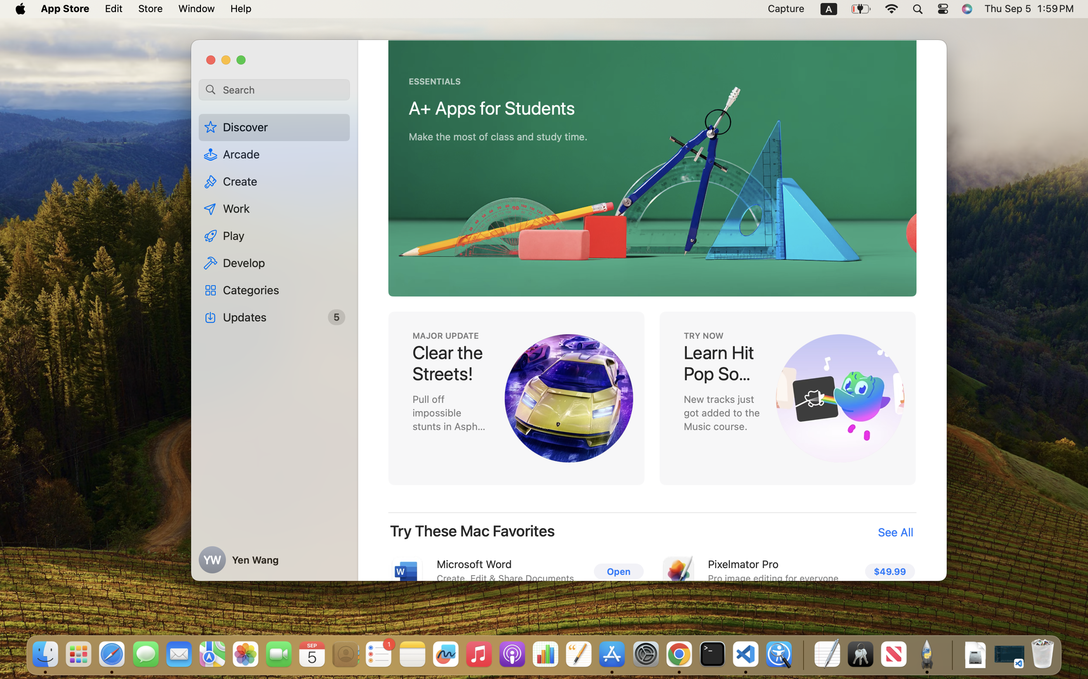 The height and width of the screenshot is (679, 1088). Describe the element at coordinates (472, 530) in the screenshot. I see `'Try These Mac Favorites'` at that location.